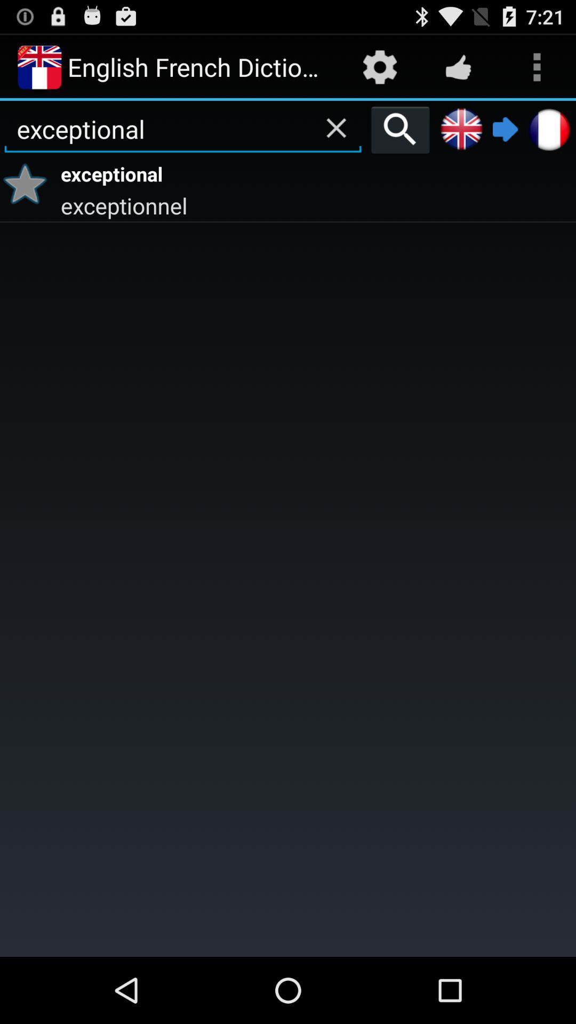  Describe the element at coordinates (400, 129) in the screenshot. I see `the item above the exceptional item` at that location.